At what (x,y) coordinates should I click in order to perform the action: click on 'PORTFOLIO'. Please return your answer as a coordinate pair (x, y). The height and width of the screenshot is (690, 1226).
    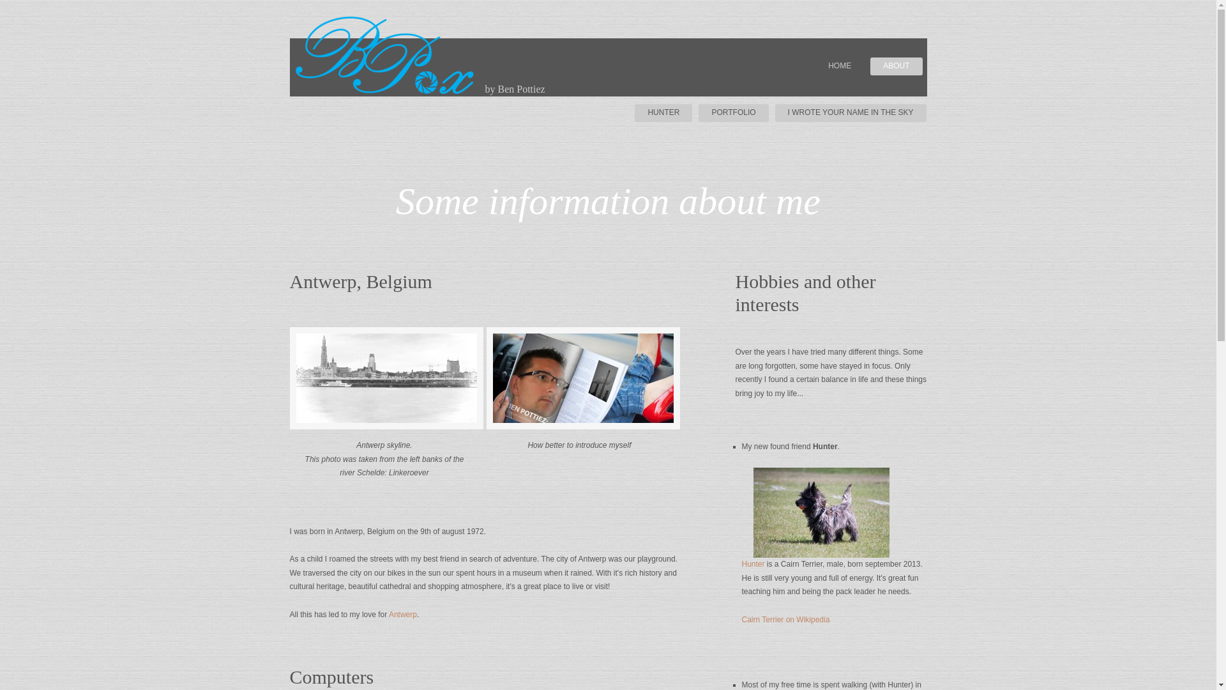
    Looking at the image, I should click on (733, 112).